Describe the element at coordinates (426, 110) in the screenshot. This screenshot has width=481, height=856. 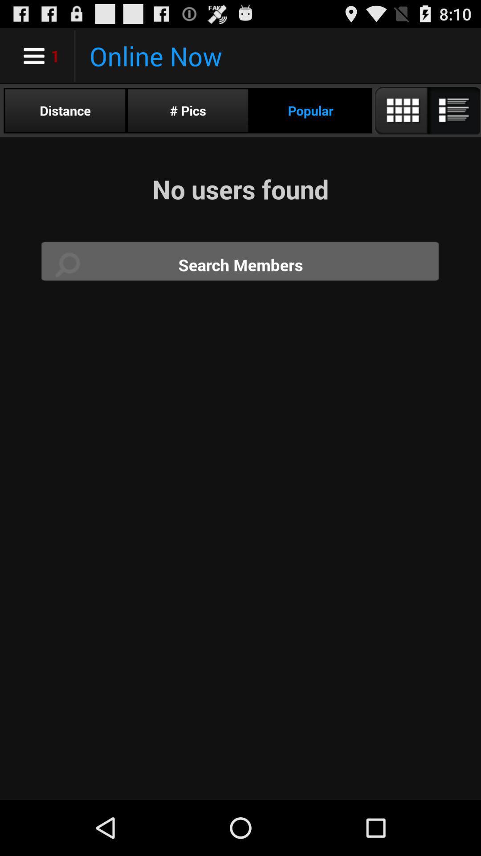
I see `the icon at the top right corner` at that location.